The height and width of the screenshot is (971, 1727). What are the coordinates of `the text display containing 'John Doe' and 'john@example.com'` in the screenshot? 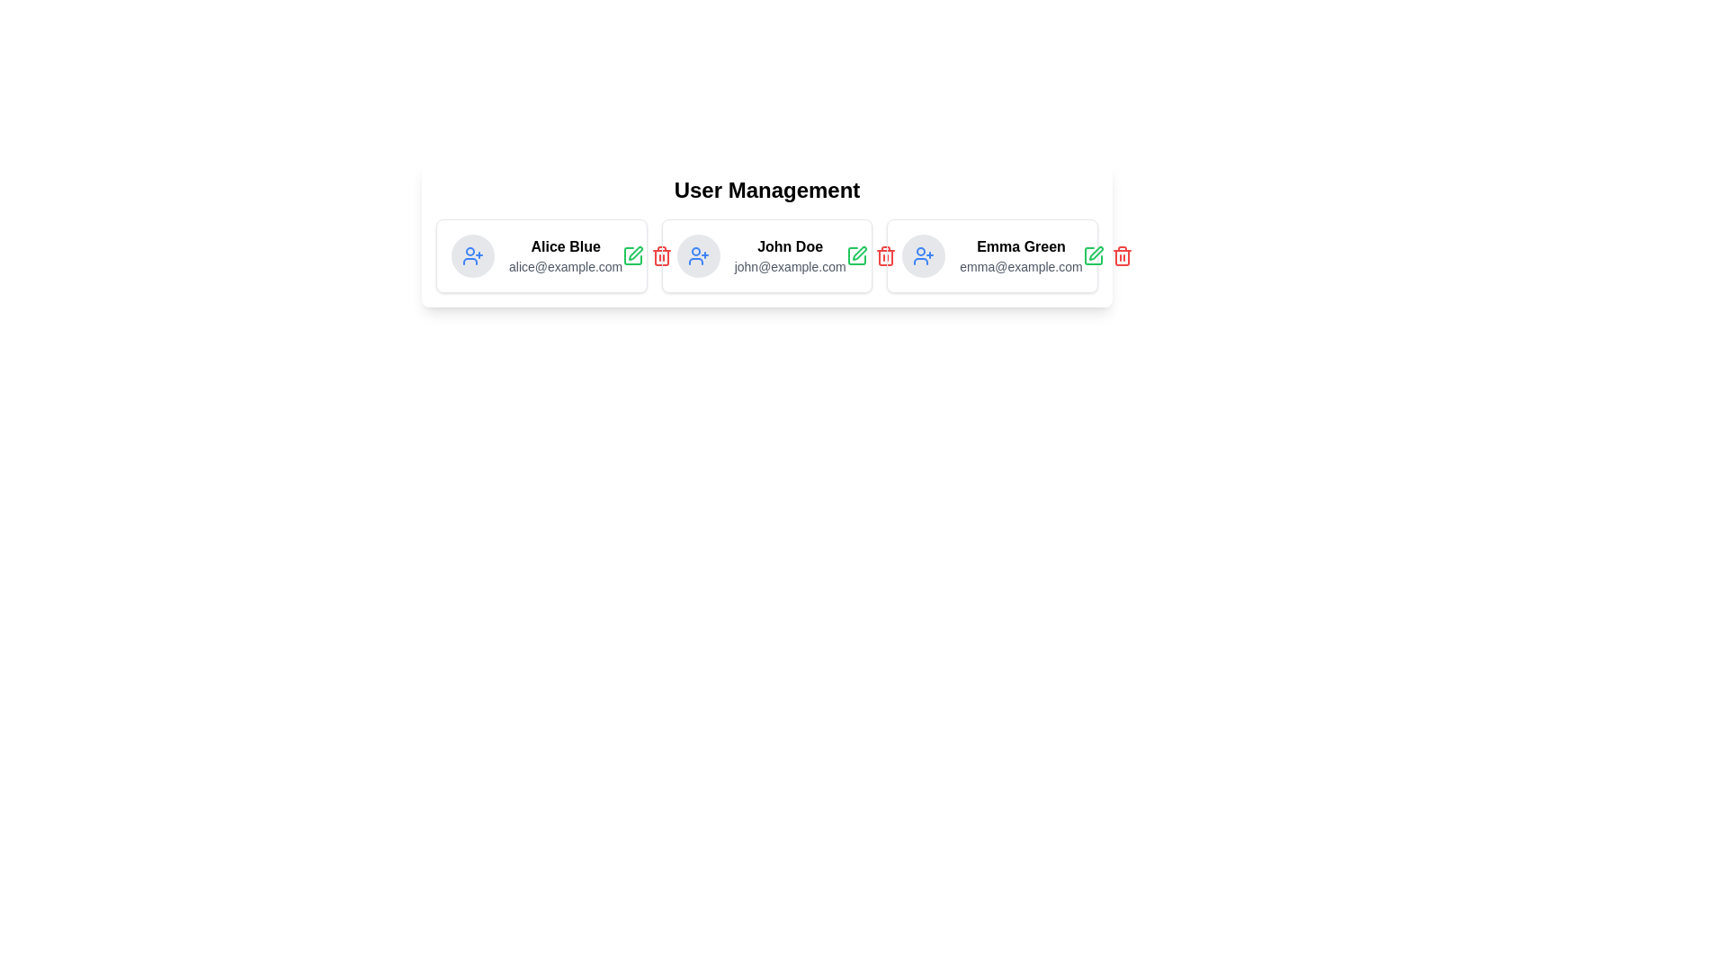 It's located at (790, 256).